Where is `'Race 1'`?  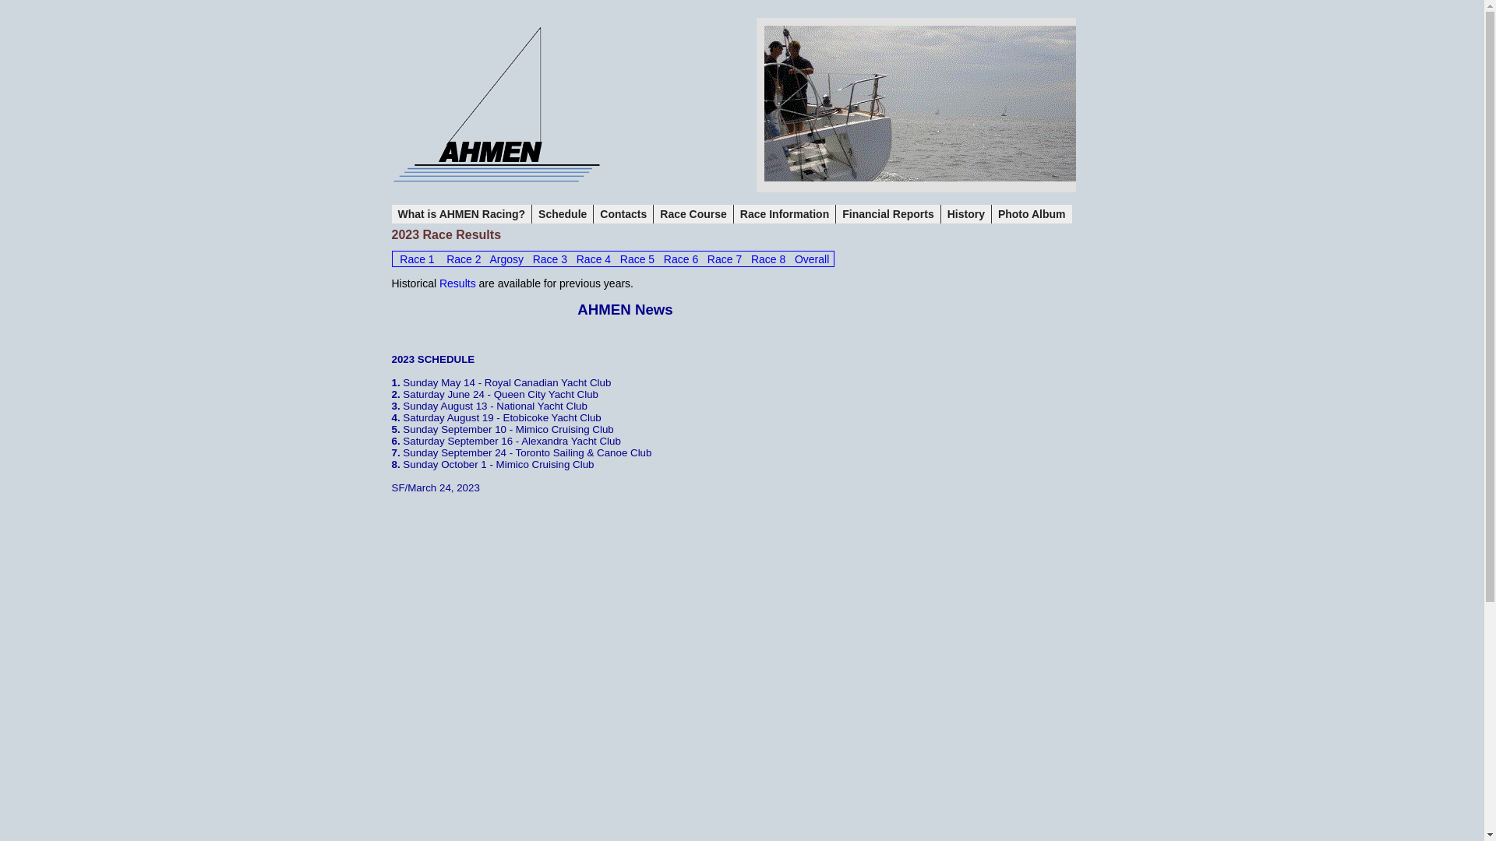
'Race 1' is located at coordinates (416, 258).